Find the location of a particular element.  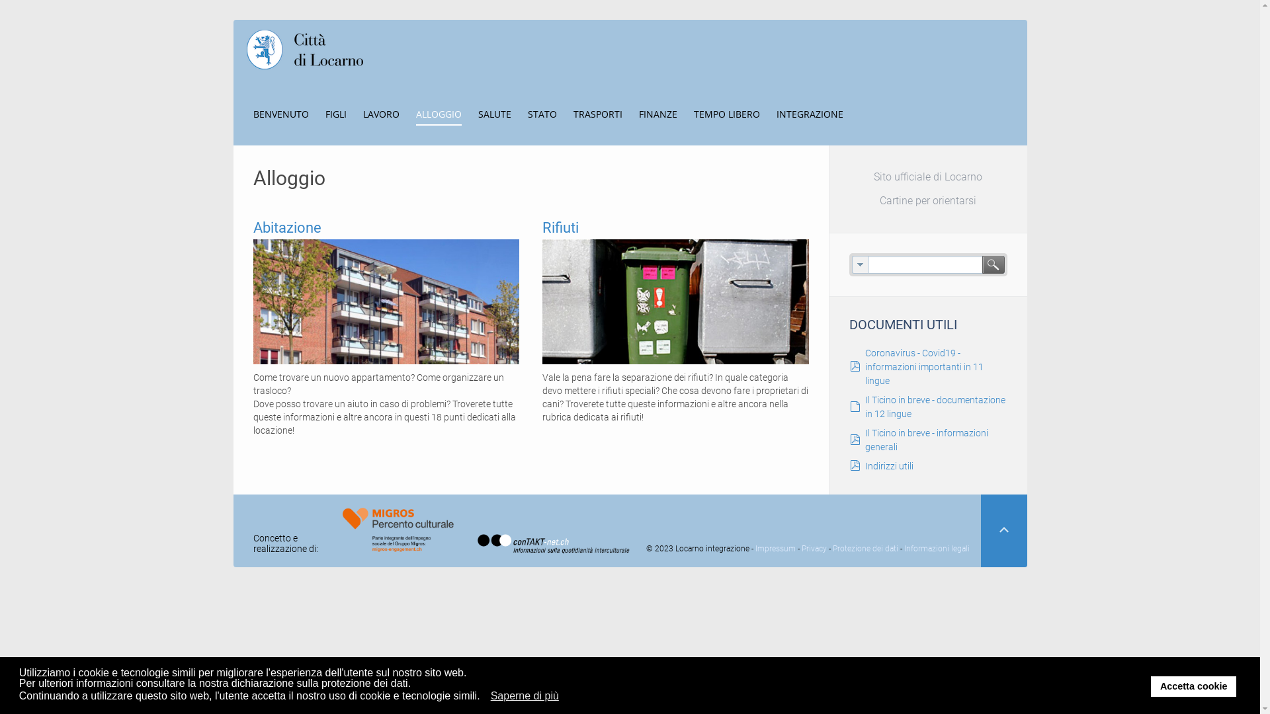

'ALLOGGIO' is located at coordinates (438, 113).